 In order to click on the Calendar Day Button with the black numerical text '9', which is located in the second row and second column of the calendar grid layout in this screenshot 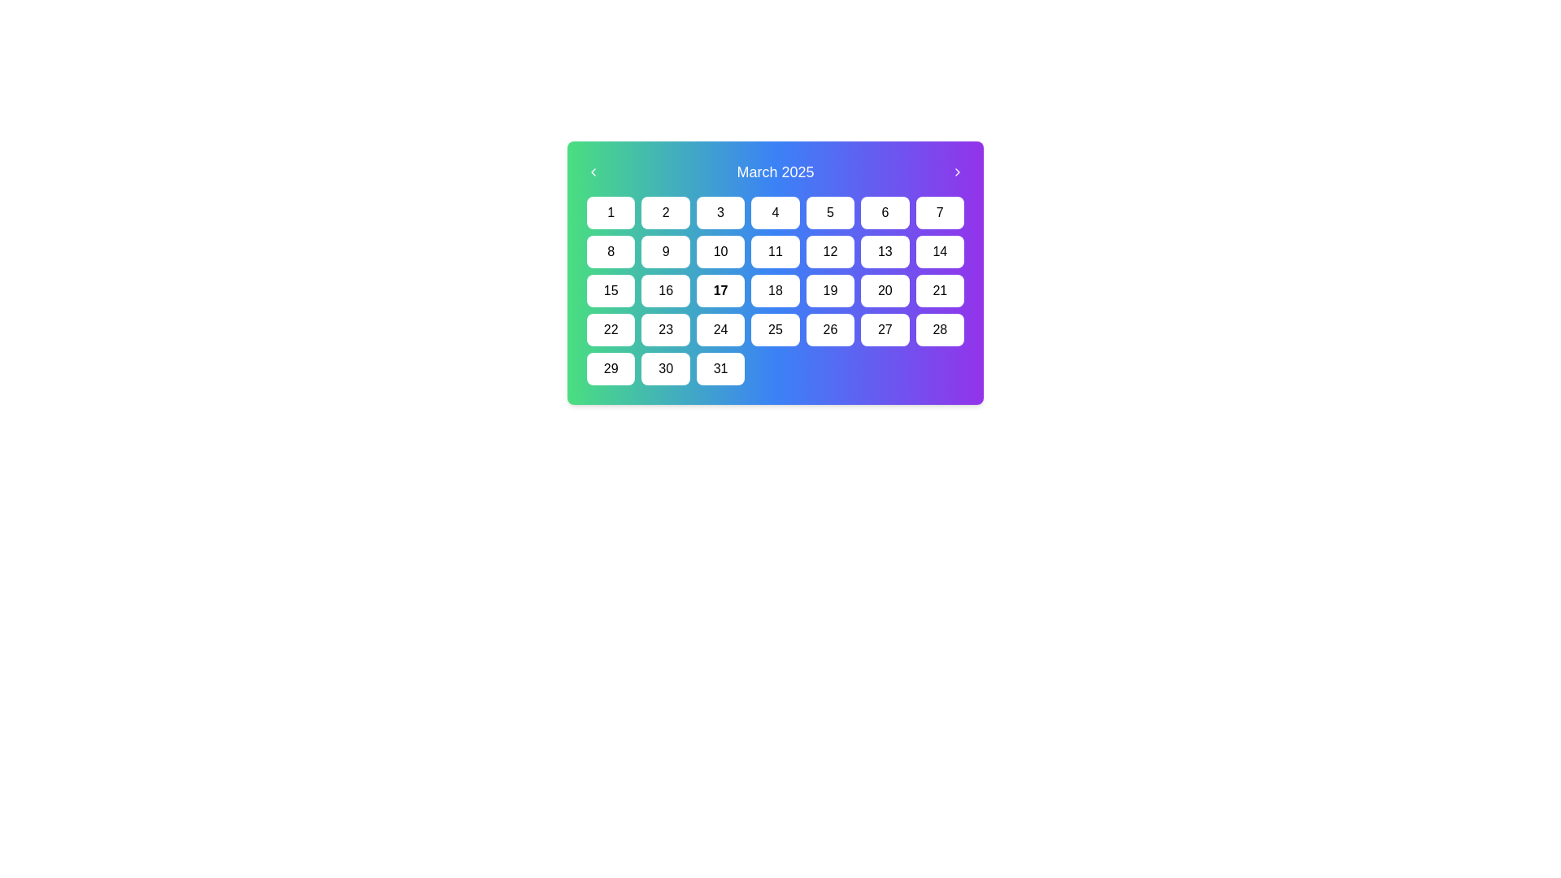, I will do `click(666, 251)`.